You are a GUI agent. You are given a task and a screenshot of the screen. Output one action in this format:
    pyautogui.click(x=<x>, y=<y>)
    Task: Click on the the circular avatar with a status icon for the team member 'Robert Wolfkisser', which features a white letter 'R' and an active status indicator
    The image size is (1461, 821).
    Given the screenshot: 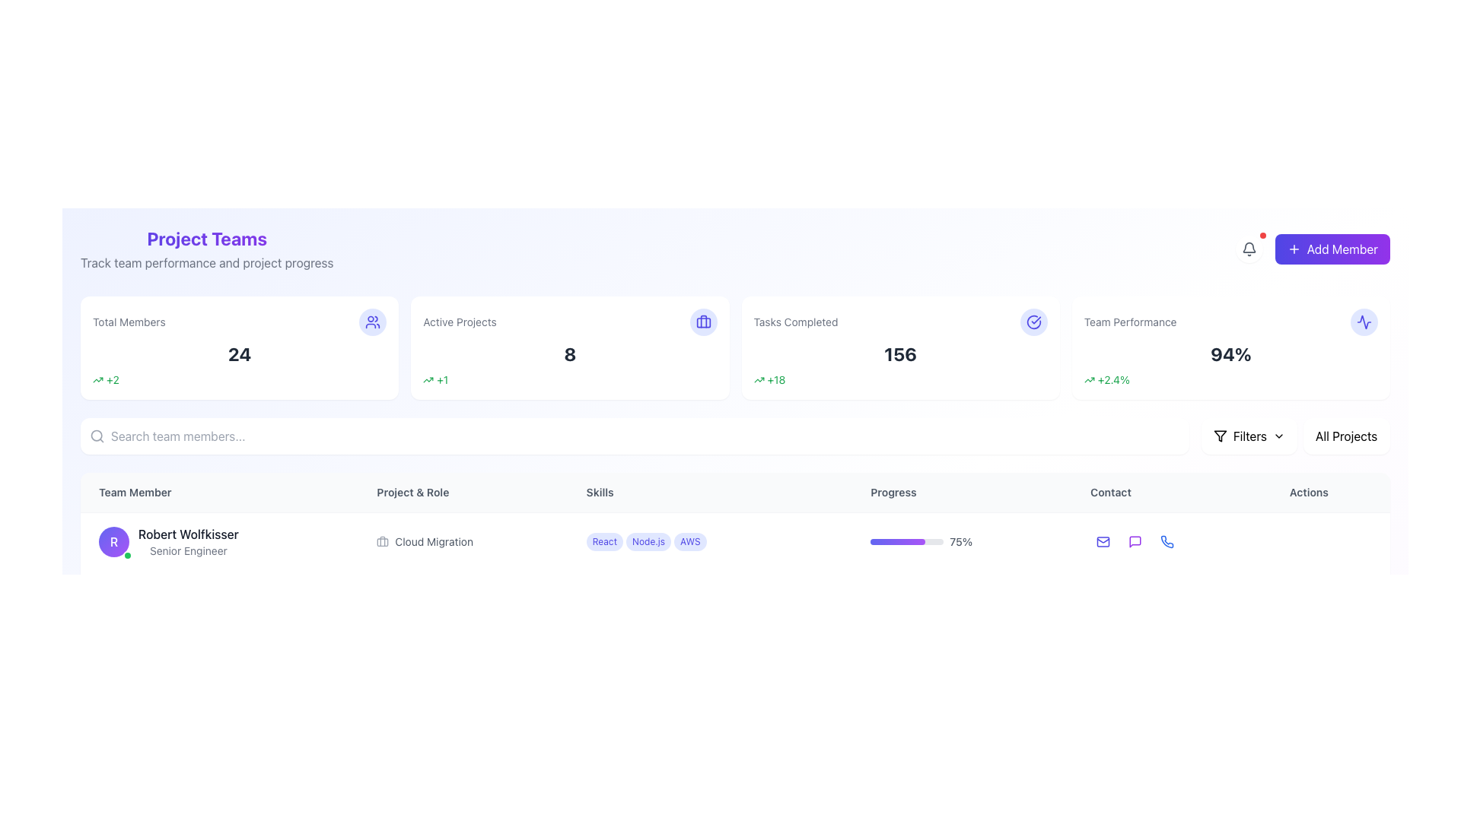 What is the action you would take?
    pyautogui.click(x=113, y=541)
    